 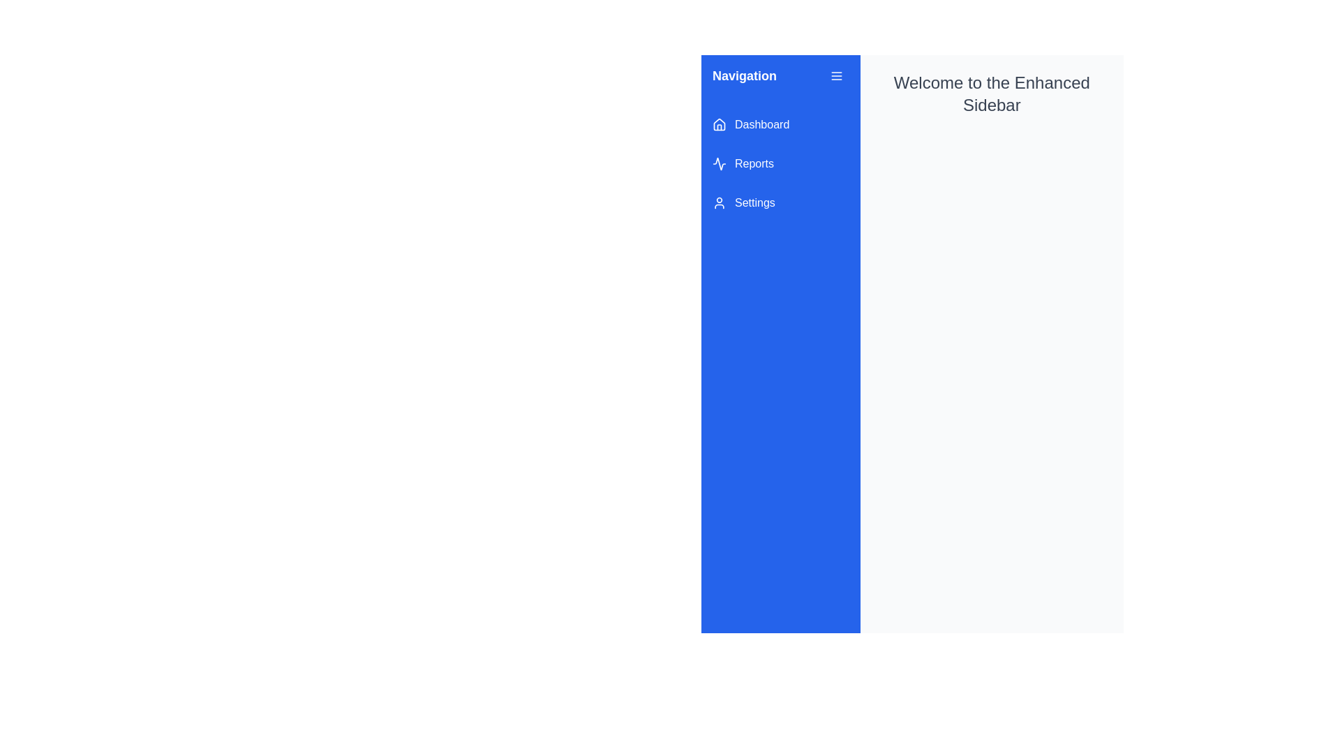 What do you see at coordinates (991, 94) in the screenshot?
I see `heading text that says 'Welcome to the Enhanced Sidebar', which is prominently displayed in the upper section of the right content area, adjacent to the blue navigation bar` at bounding box center [991, 94].